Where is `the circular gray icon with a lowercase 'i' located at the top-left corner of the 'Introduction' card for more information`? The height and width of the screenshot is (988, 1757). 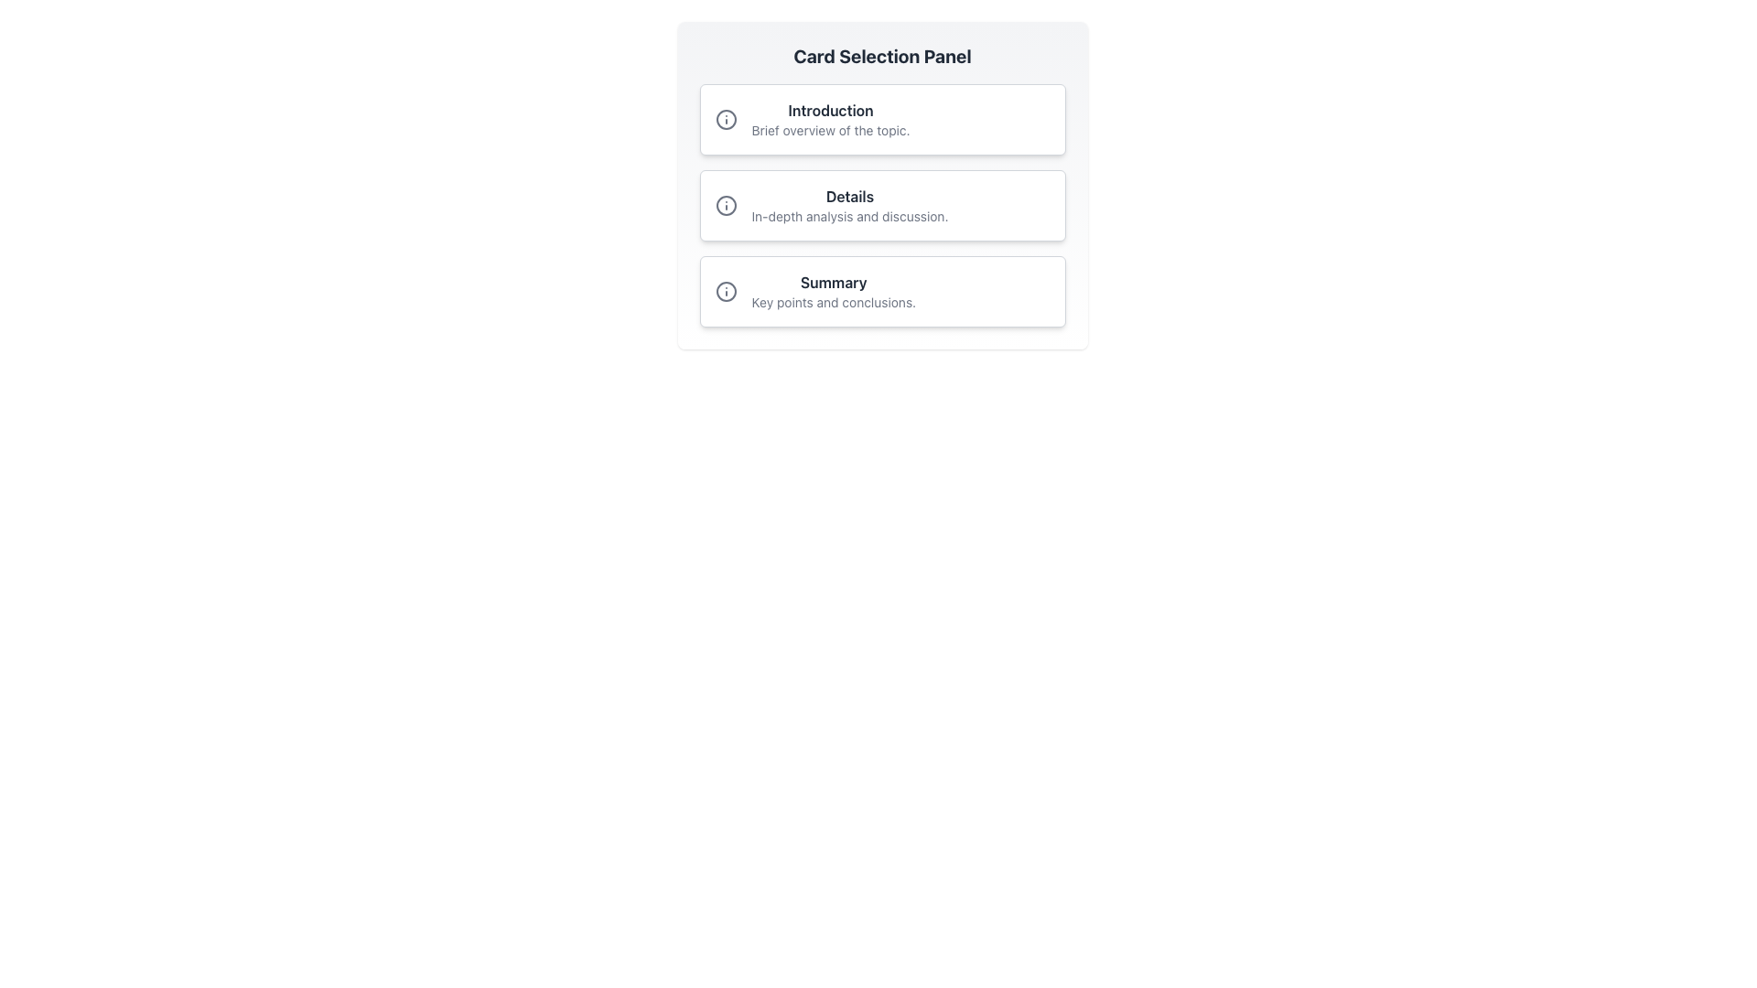 the circular gray icon with a lowercase 'i' located at the top-left corner of the 'Introduction' card for more information is located at coordinates (725, 120).